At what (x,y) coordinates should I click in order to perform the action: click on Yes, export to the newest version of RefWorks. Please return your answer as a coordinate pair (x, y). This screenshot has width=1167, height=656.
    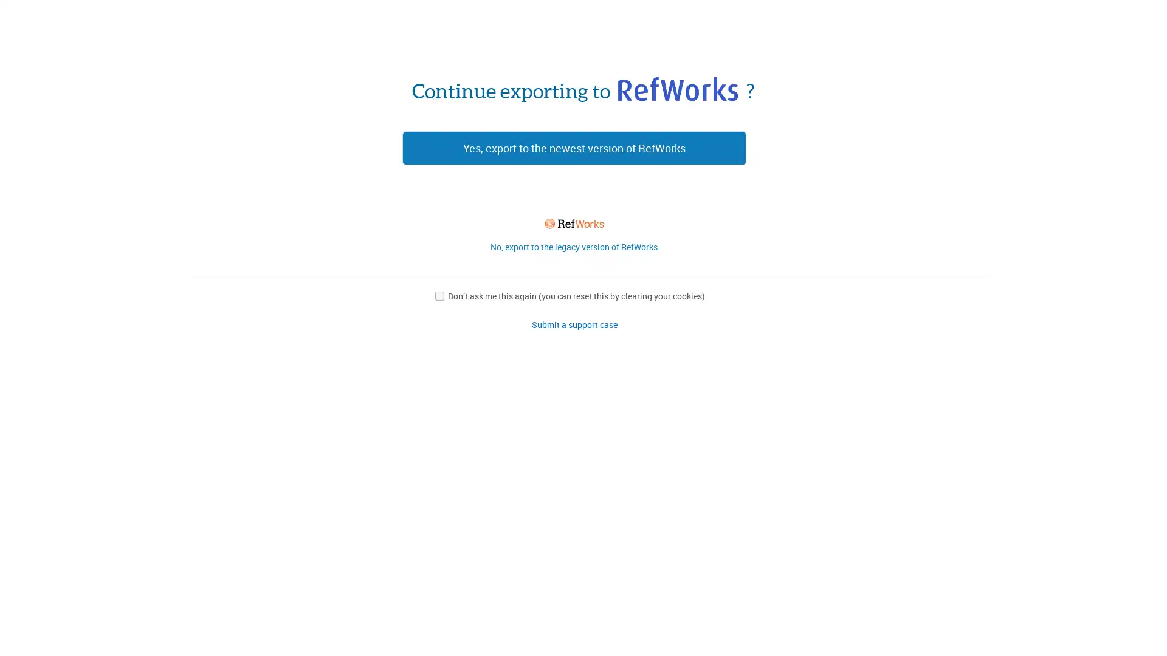
    Looking at the image, I should click on (573, 147).